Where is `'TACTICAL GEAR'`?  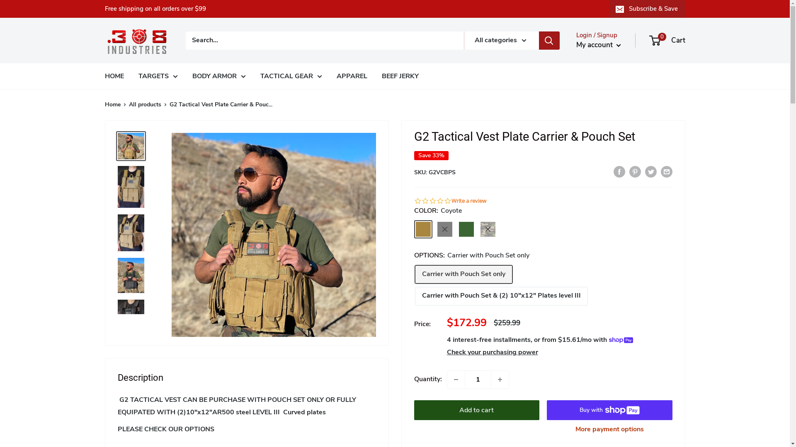 'TACTICAL GEAR' is located at coordinates (291, 77).